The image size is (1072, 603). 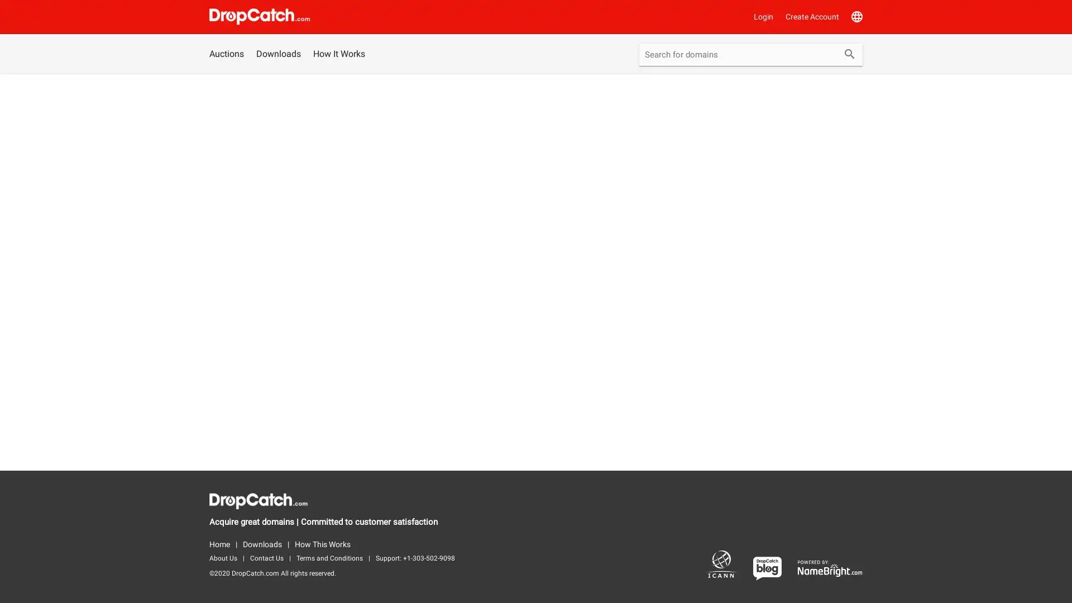 I want to click on Submit, so click(x=849, y=55).